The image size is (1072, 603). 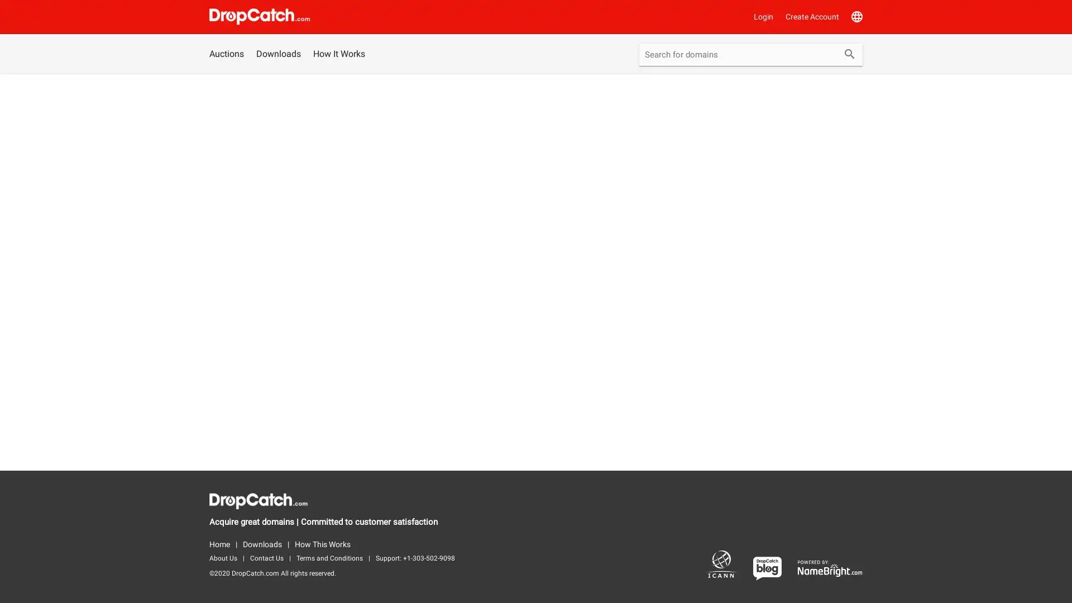 I want to click on Submit, so click(x=849, y=55).